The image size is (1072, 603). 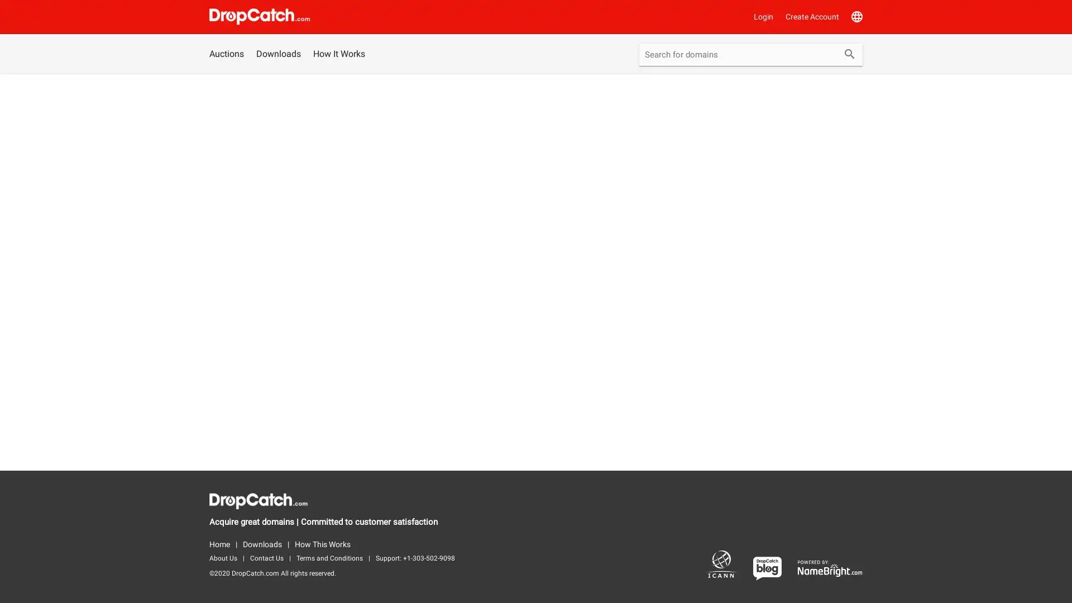 I want to click on Submit, so click(x=849, y=55).